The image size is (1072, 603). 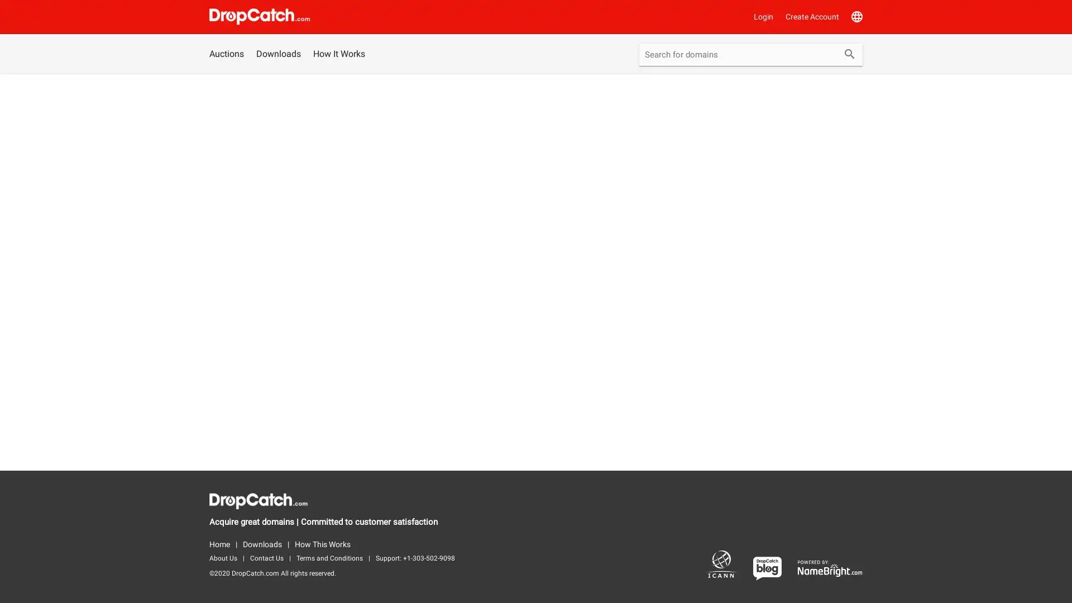 I want to click on Submit, so click(x=849, y=55).